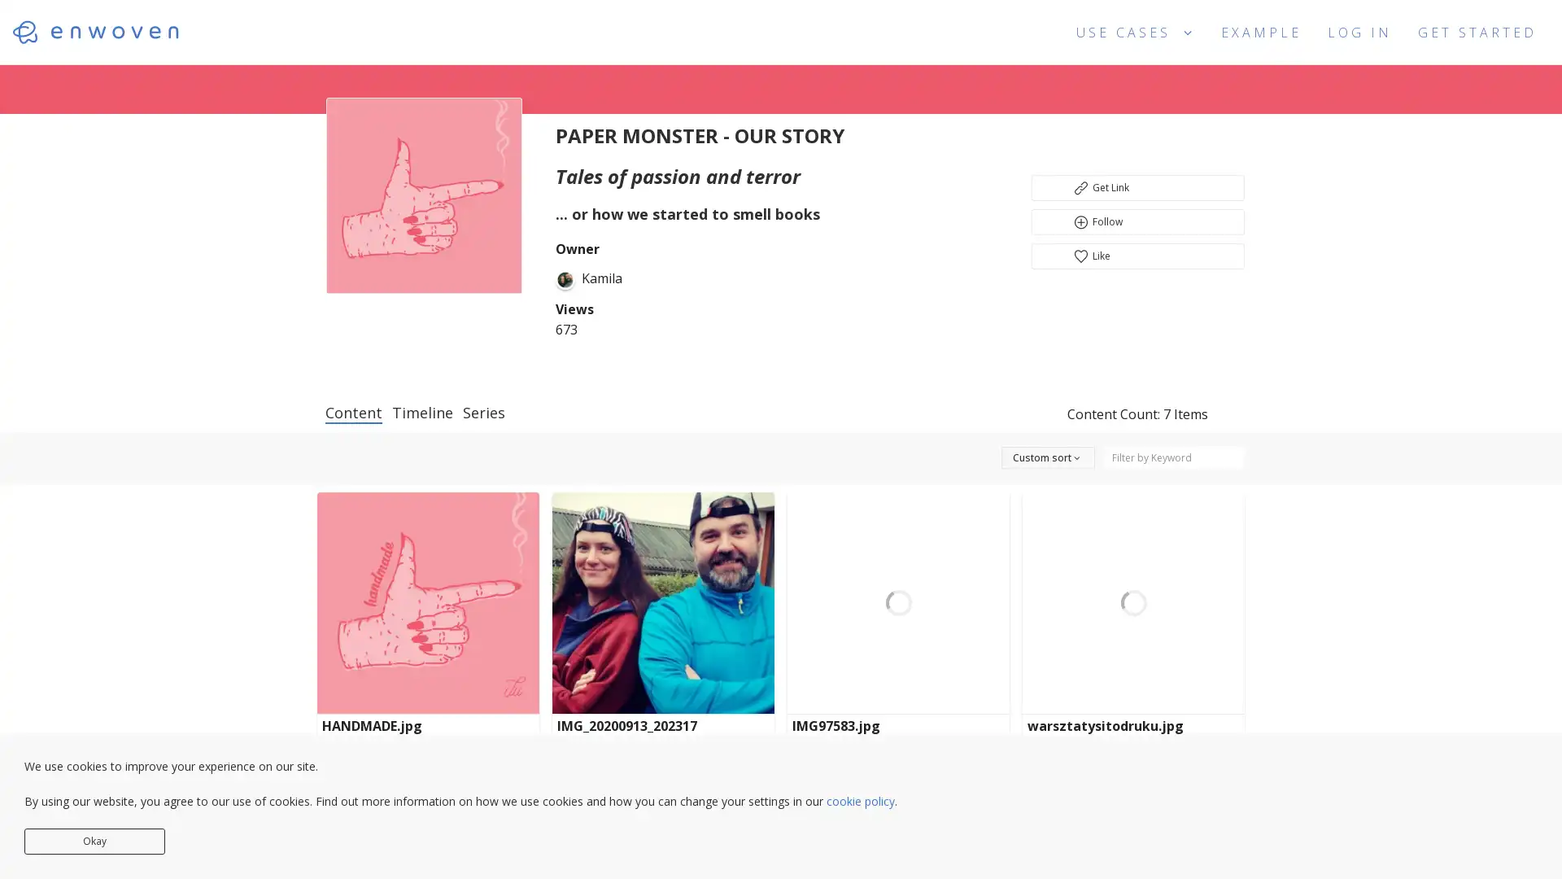 The height and width of the screenshot is (879, 1562). What do you see at coordinates (94, 841) in the screenshot?
I see `Okay` at bounding box center [94, 841].